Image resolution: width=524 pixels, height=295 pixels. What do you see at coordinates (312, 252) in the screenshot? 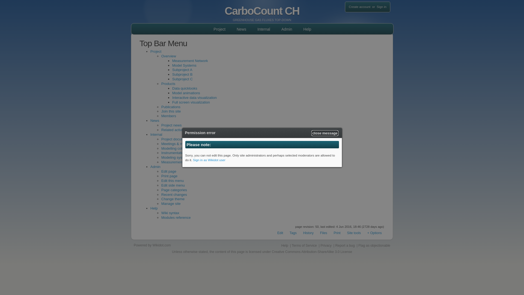
I see `'Creative Commons Attribution-ShareAlike 3.0 License'` at bounding box center [312, 252].